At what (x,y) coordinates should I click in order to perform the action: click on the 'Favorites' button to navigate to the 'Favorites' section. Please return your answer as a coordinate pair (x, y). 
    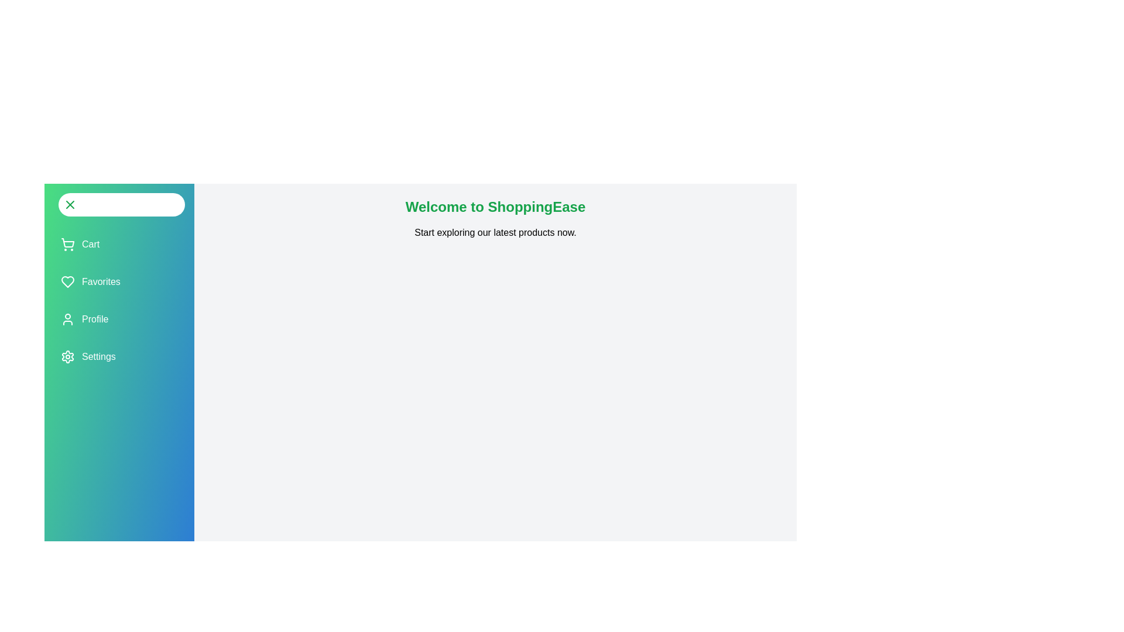
    Looking at the image, I should click on (90, 282).